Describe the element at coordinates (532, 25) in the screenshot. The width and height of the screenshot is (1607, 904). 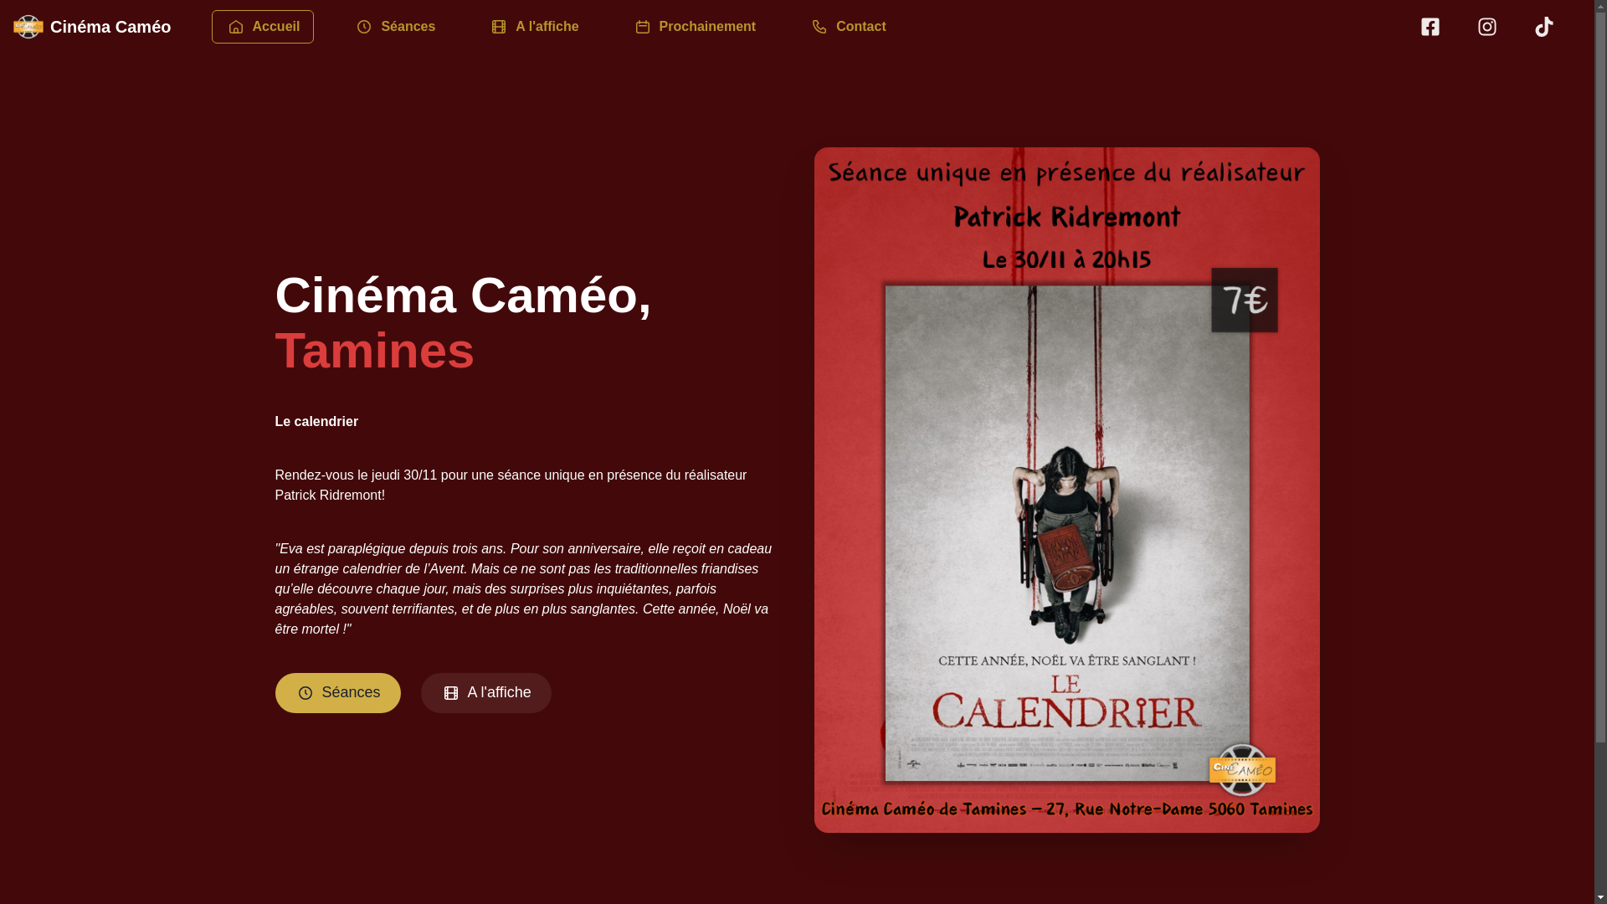
I see `'A l'affiche'` at that location.